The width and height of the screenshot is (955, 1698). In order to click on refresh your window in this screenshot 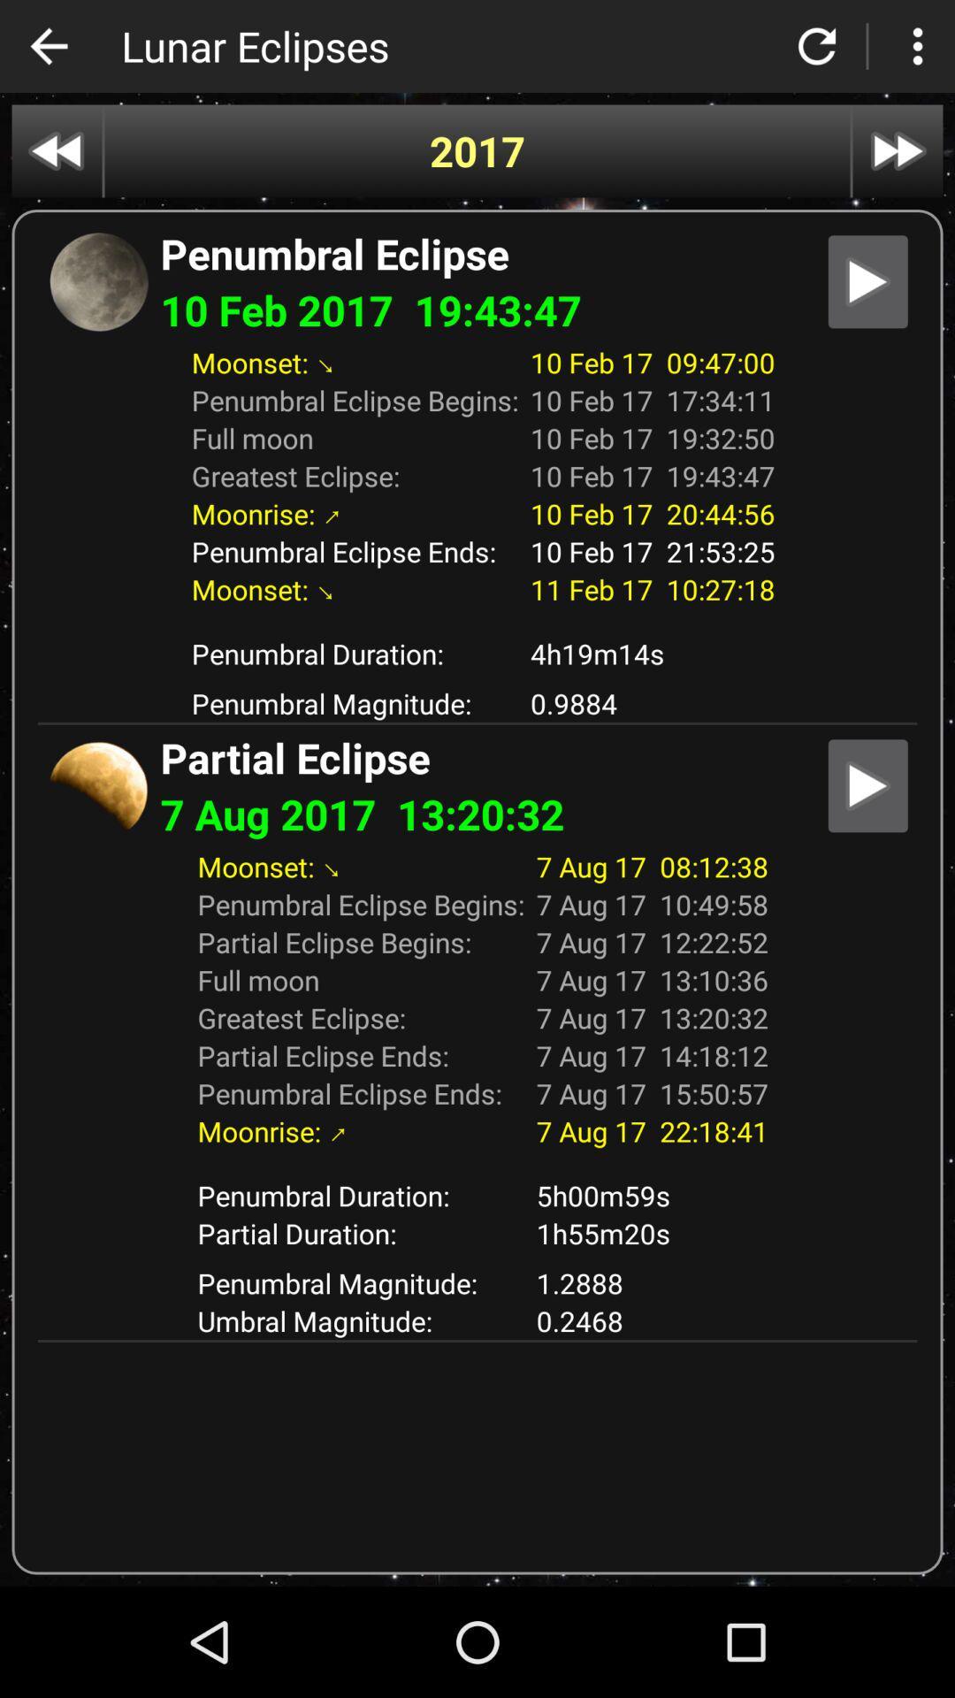, I will do `click(817, 46)`.